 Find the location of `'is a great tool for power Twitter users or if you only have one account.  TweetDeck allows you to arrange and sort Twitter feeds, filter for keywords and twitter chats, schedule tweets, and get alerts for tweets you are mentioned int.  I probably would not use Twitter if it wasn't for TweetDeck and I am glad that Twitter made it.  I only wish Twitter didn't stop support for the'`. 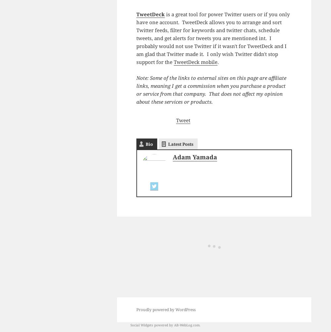

'is a great tool for power Twitter users or if you only have one account.  TweetDeck allows you to arrange and sort Twitter feeds, filter for keywords and twitter chats, schedule tweets, and get alerts for tweets you are mentioned int.  I probably would not use Twitter if it wasn't for TweetDeck and I am glad that Twitter made it.  I only wish Twitter didn't stop support for the' is located at coordinates (213, 37).